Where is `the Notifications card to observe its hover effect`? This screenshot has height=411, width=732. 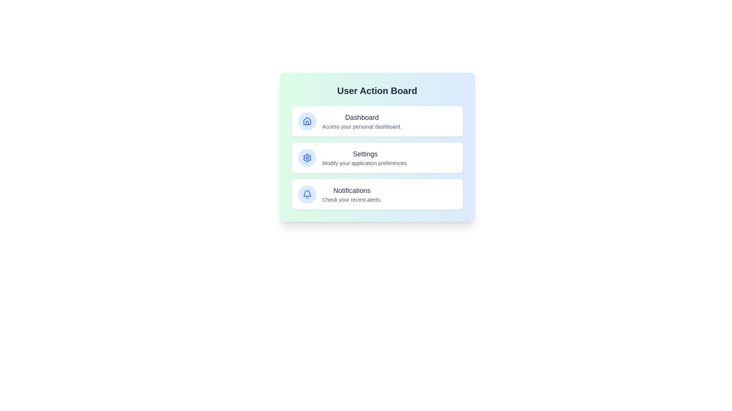 the Notifications card to observe its hover effect is located at coordinates (377, 194).